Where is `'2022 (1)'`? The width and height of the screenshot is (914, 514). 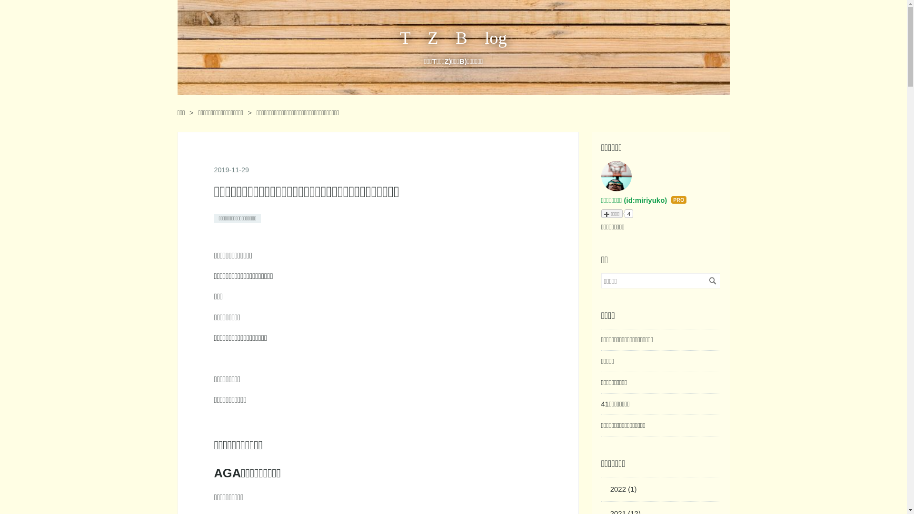
'2022 (1)' is located at coordinates (624, 489).